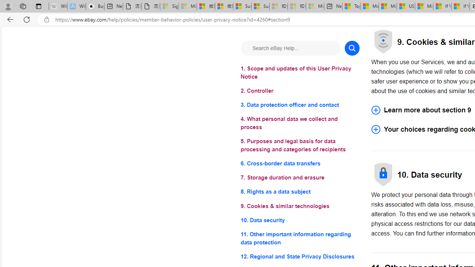 Image resolution: width=475 pixels, height=267 pixels. What do you see at coordinates (300, 220) in the screenshot?
I see `'10. Data security'` at bounding box center [300, 220].